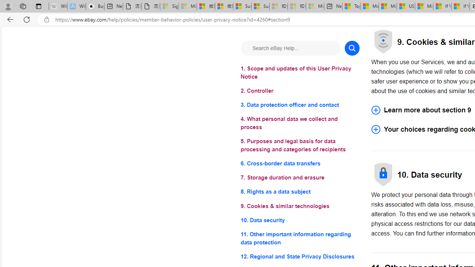 Image resolution: width=475 pixels, height=267 pixels. What do you see at coordinates (300, 220) in the screenshot?
I see `'10. Data security'` at bounding box center [300, 220].